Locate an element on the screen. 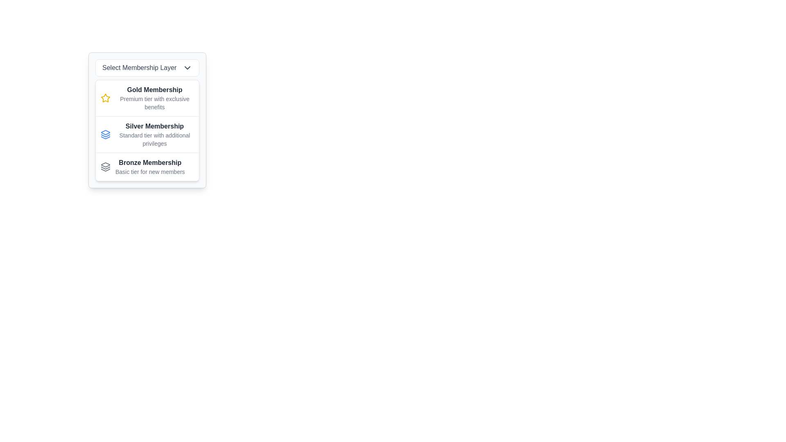 The height and width of the screenshot is (442, 786). the List Box containing options for membership tiers (Gold, Silver, Bronze) with rounded corners and a light shadow is located at coordinates (147, 130).